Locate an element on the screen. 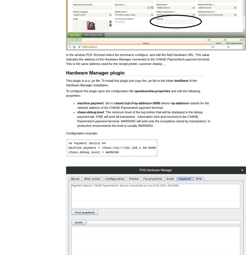 The image size is (246, 255). 'Hardware Manager plugin' is located at coordinates (95, 72).